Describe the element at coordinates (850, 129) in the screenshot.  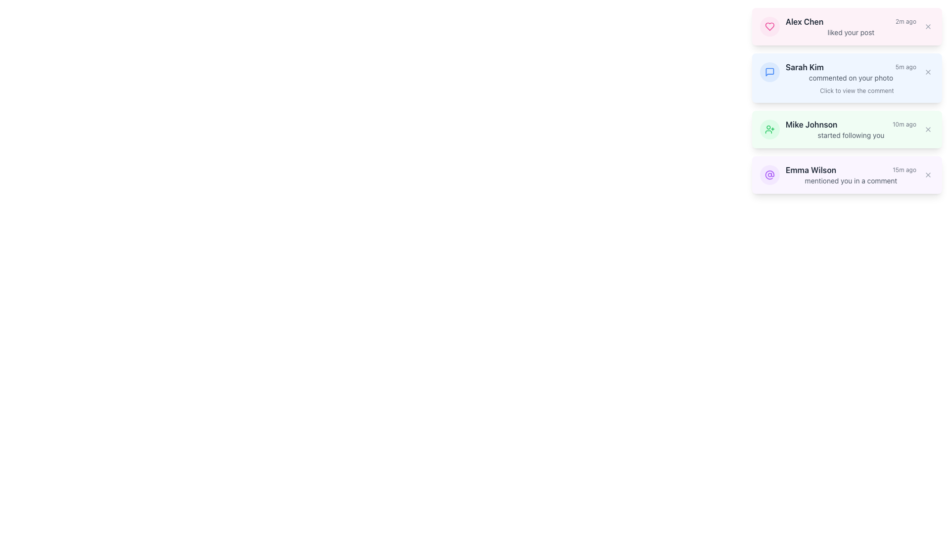
I see `the notification item indicating that Mike Johnson started following you, which is the third entry in the notification list` at that location.